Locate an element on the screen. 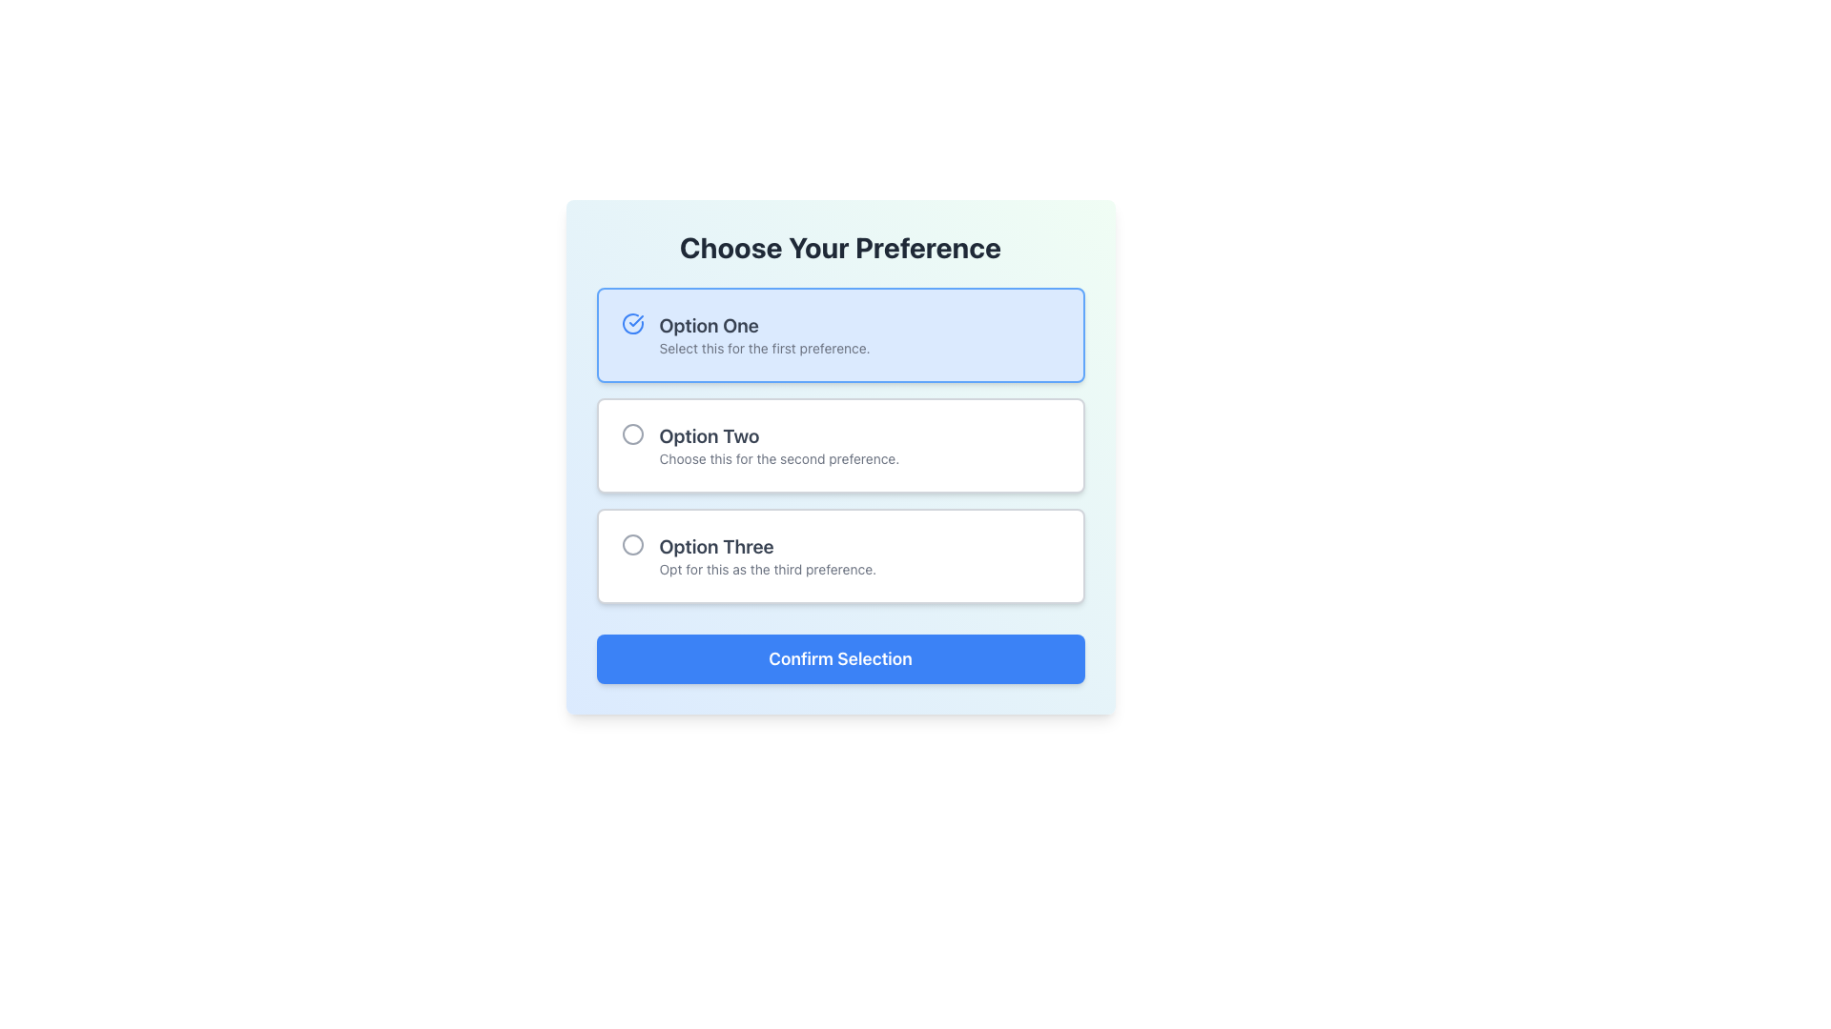 The image size is (1831, 1029). the text label displaying 'Option Three', which is a bold, dark-gray font aligned to the left, located above the descriptive text in the third preference option of a vertical list is located at coordinates (768, 547).